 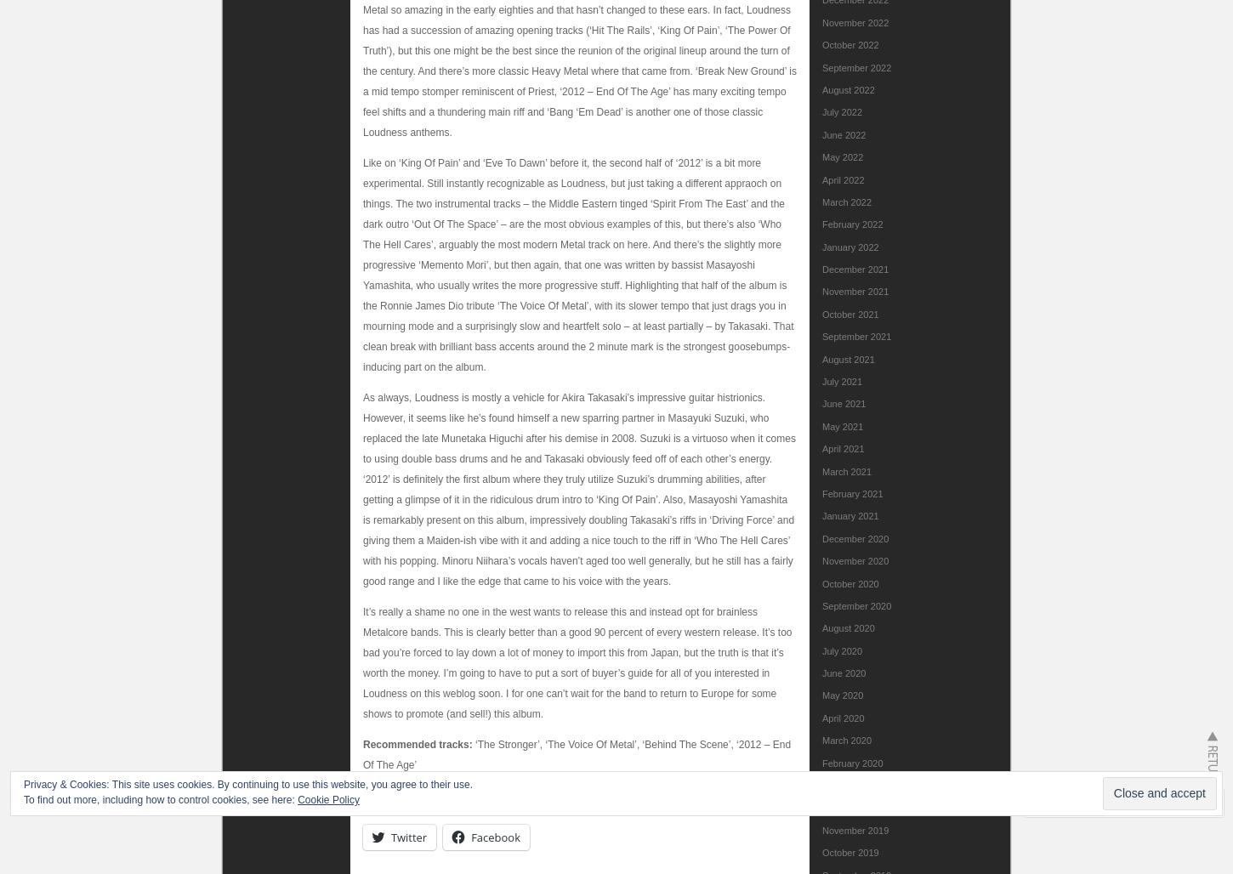 What do you see at coordinates (848, 88) in the screenshot?
I see `'August 2022'` at bounding box center [848, 88].